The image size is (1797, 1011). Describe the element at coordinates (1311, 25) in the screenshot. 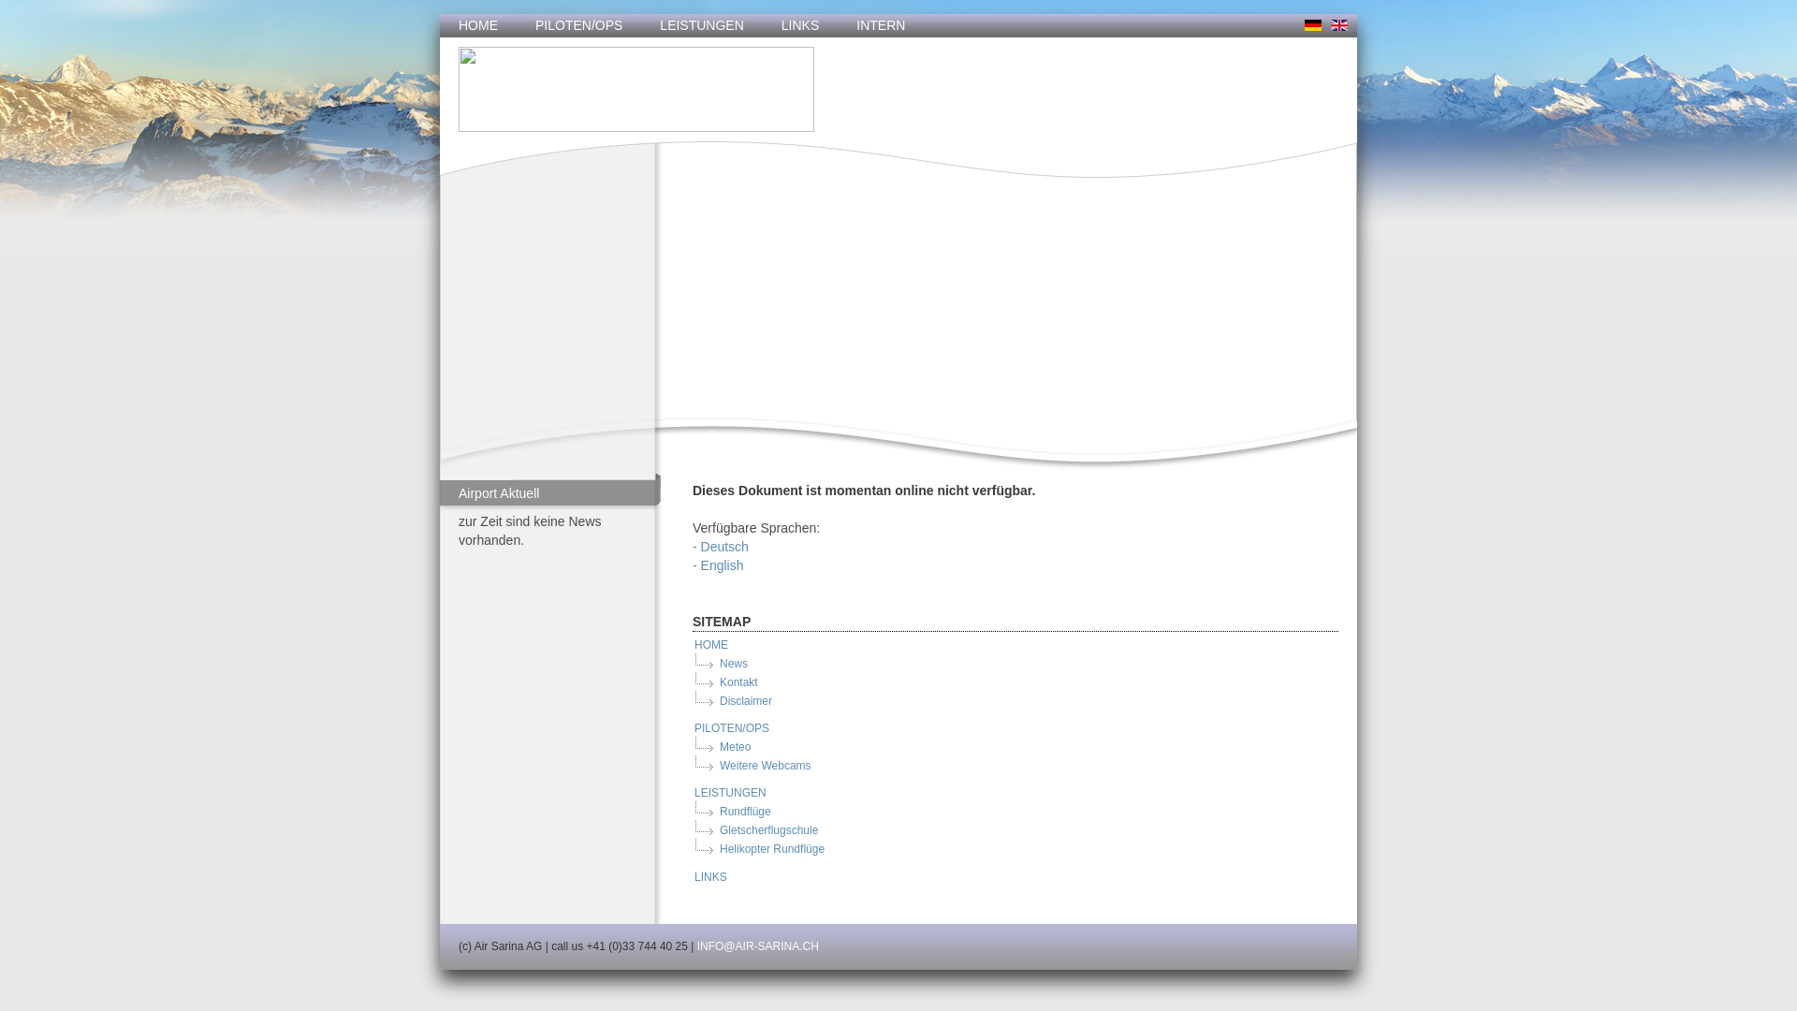

I see `'deutsch'` at that location.